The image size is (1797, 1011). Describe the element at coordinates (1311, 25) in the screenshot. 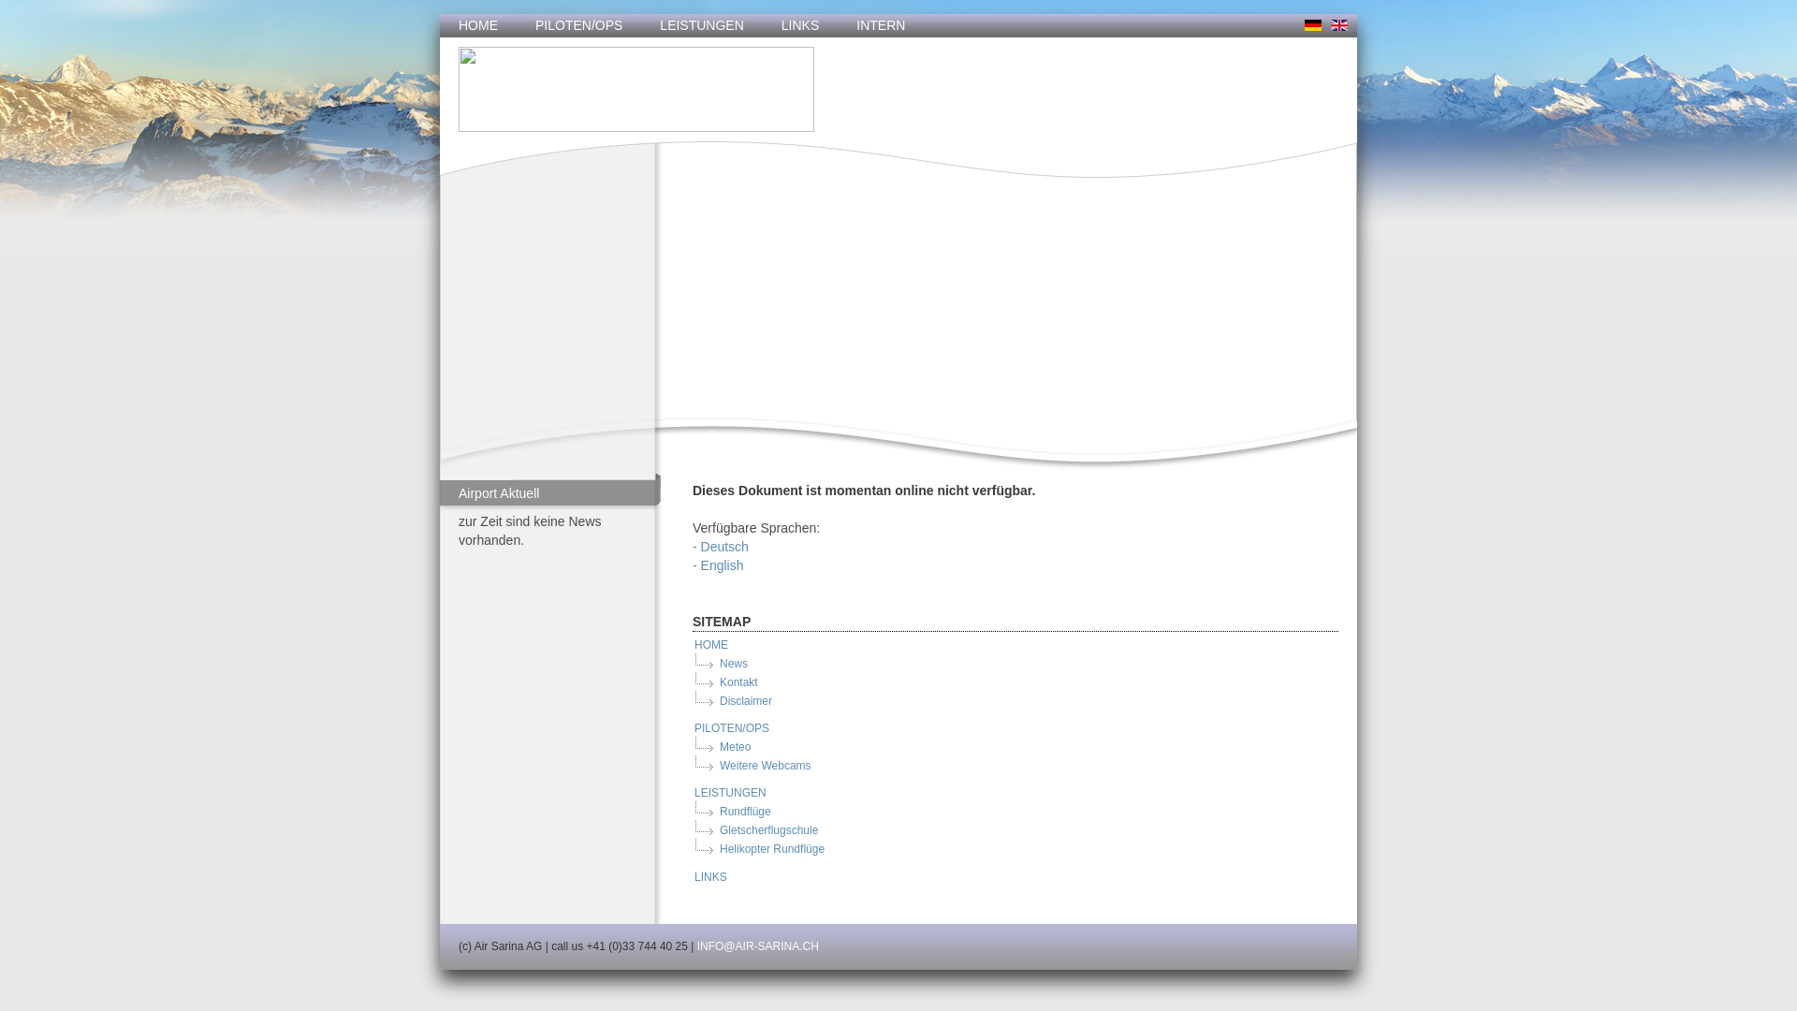

I see `'deutsch'` at that location.